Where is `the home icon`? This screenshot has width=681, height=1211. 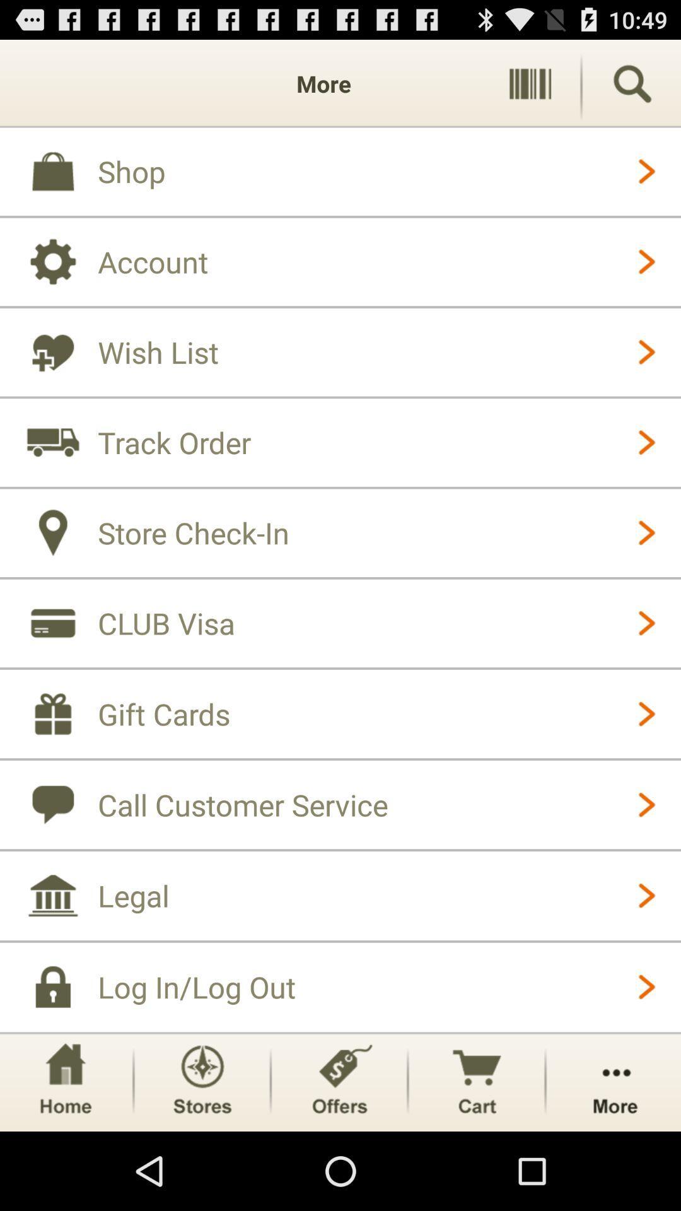 the home icon is located at coordinates (65, 1157).